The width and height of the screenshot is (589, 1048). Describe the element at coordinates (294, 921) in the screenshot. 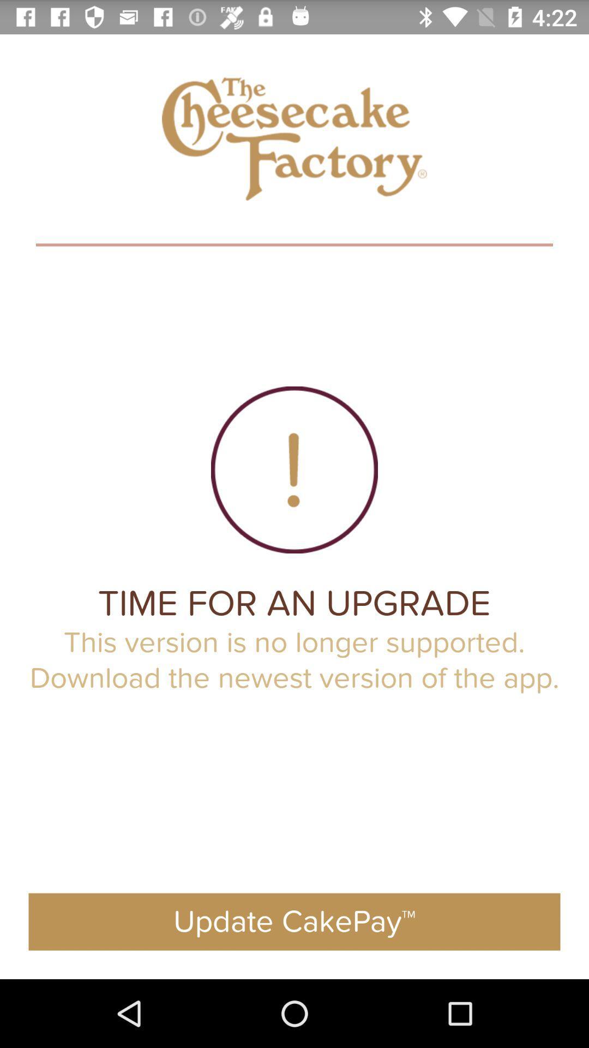

I see `the app below the this version is icon` at that location.